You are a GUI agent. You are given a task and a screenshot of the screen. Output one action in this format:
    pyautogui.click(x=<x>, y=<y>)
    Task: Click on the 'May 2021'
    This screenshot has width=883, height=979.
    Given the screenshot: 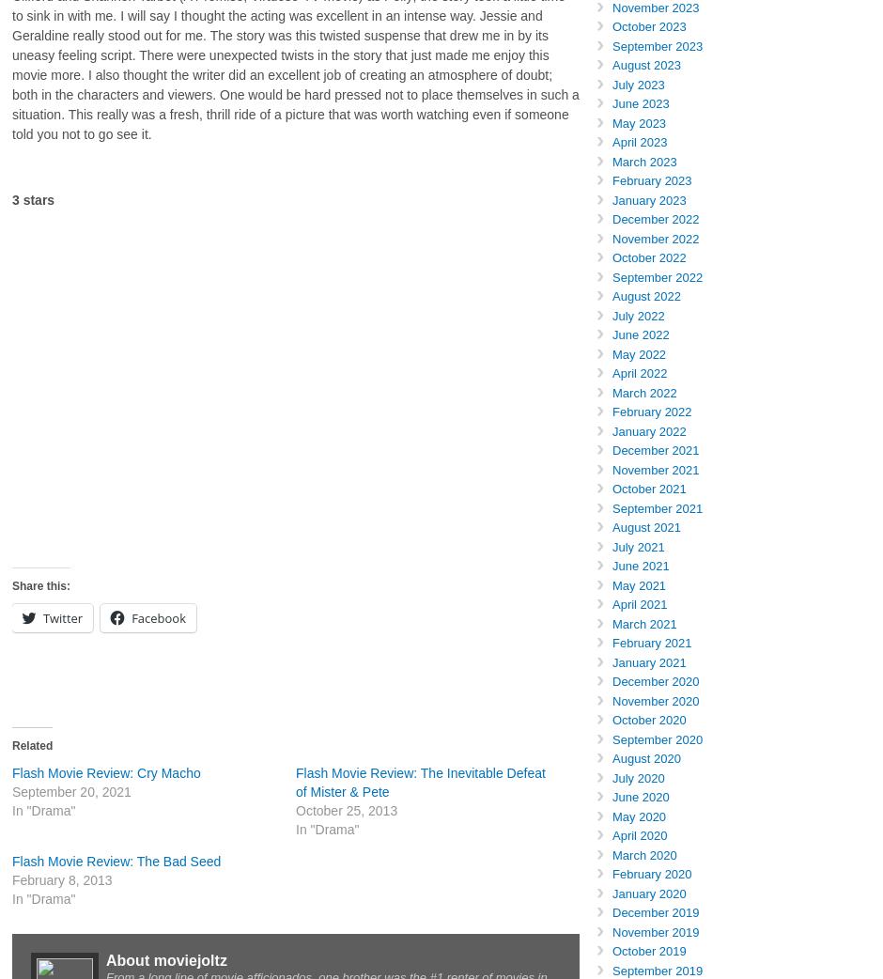 What is the action you would take?
    pyautogui.click(x=638, y=584)
    